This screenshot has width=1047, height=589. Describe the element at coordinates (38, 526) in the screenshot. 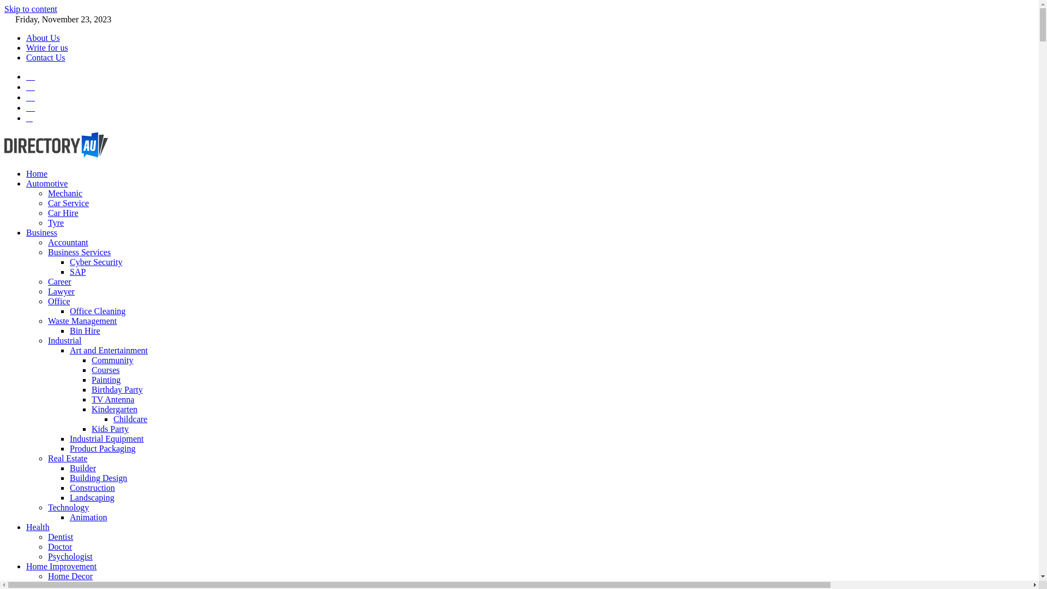

I see `'Health'` at that location.